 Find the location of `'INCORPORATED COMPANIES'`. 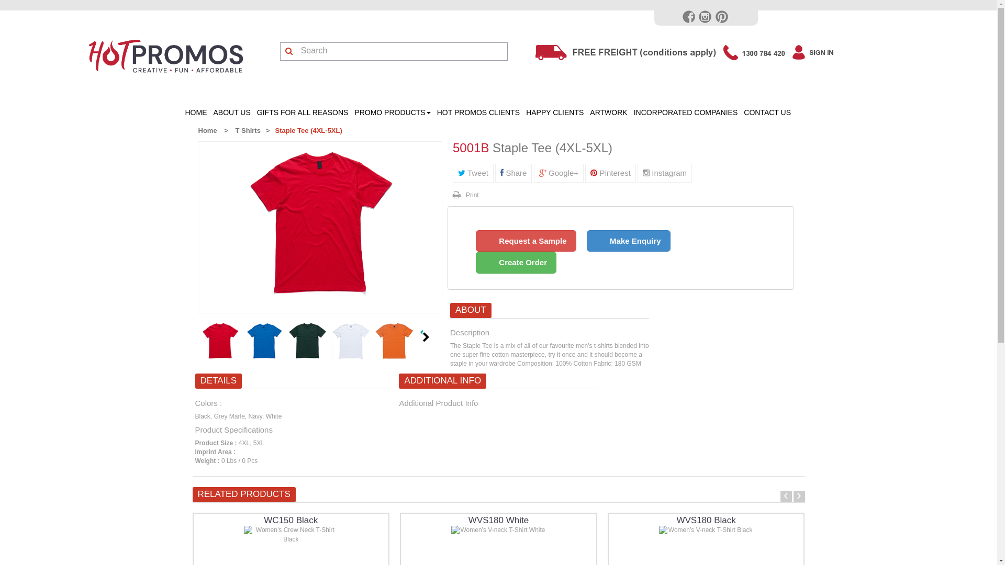

'INCORPORATED COMPANIES' is located at coordinates (686, 112).